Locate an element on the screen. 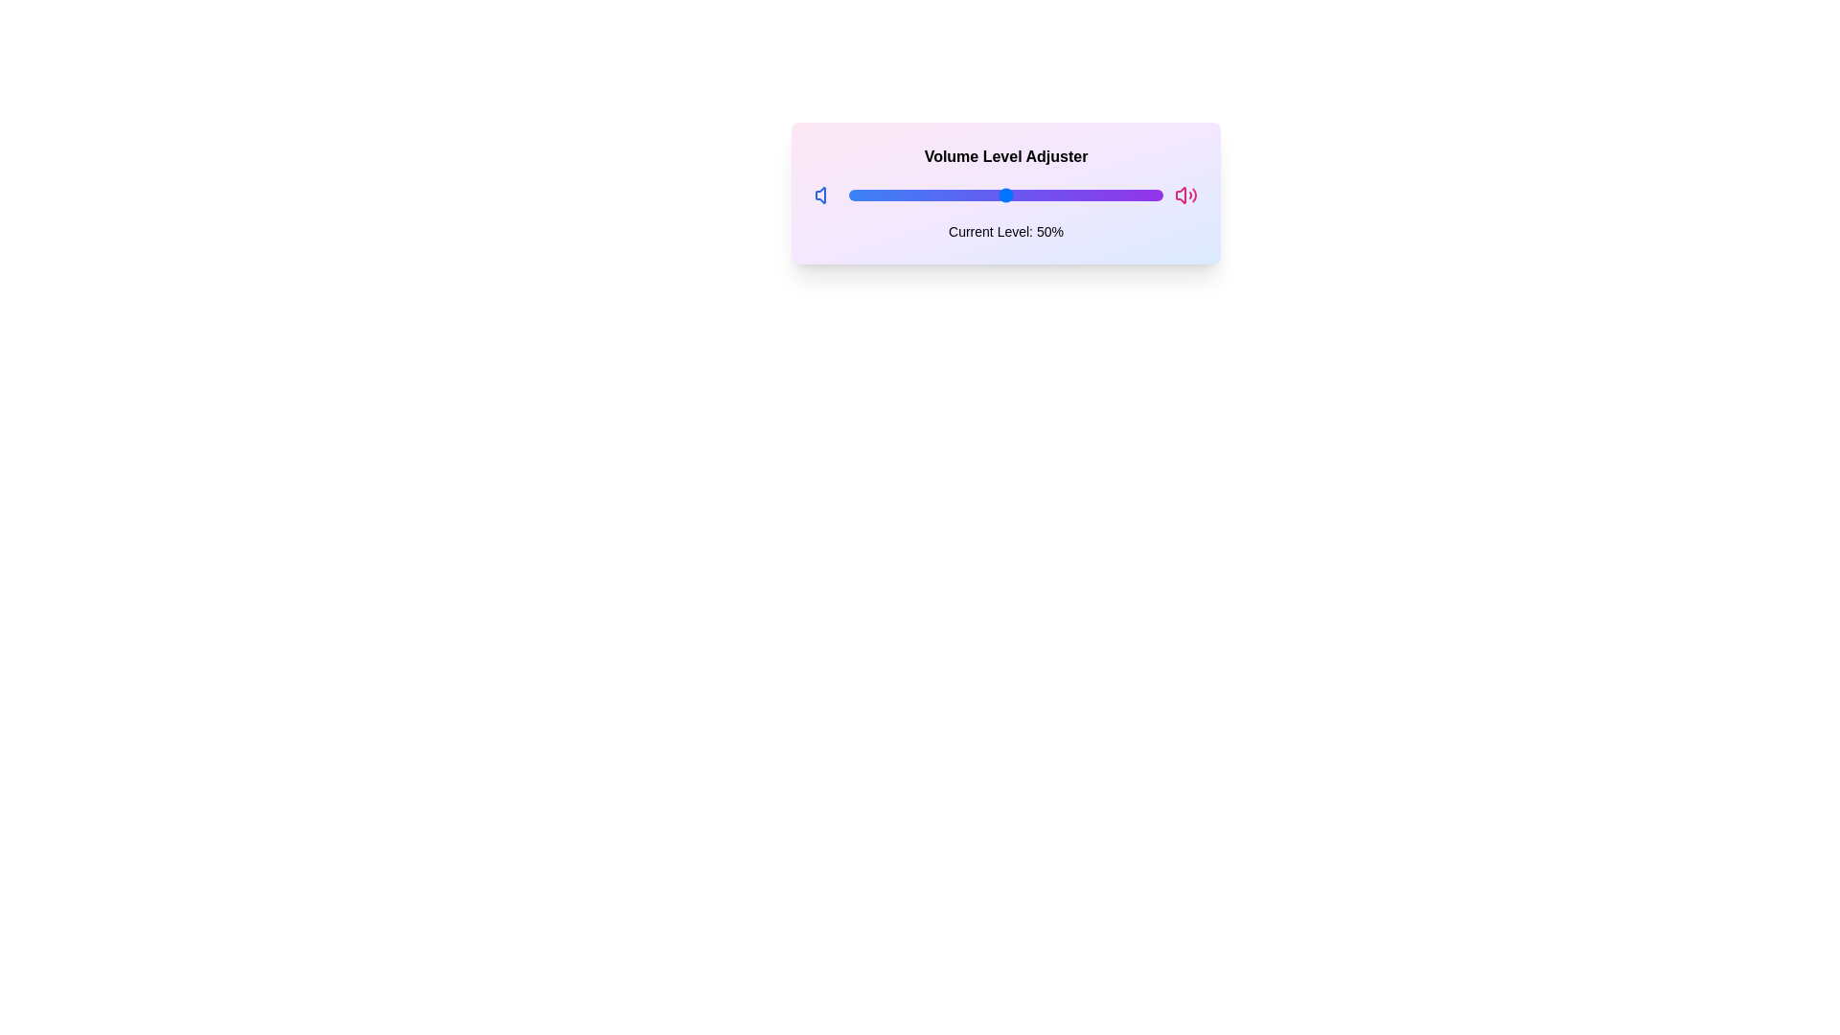 The height and width of the screenshot is (1035, 1840). the volume slider to set the volume to 4% is located at coordinates (861, 195).